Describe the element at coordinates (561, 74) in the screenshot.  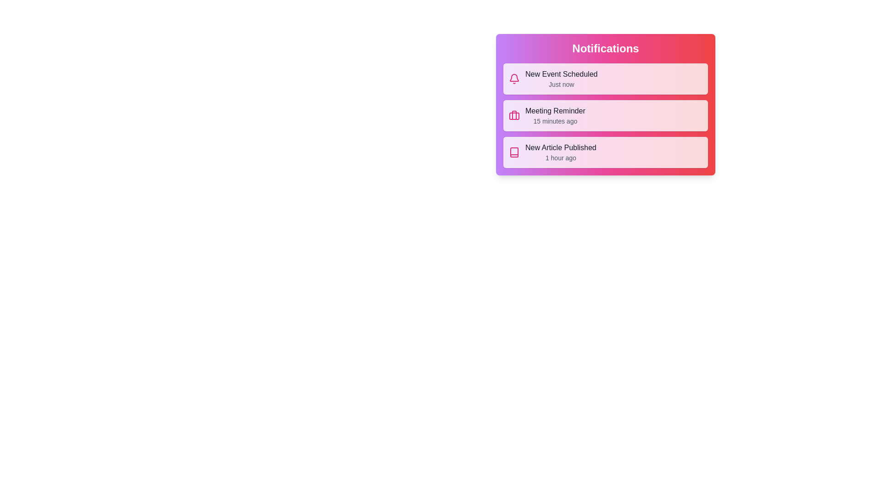
I see `the notification title New Event Scheduled to select it` at that location.